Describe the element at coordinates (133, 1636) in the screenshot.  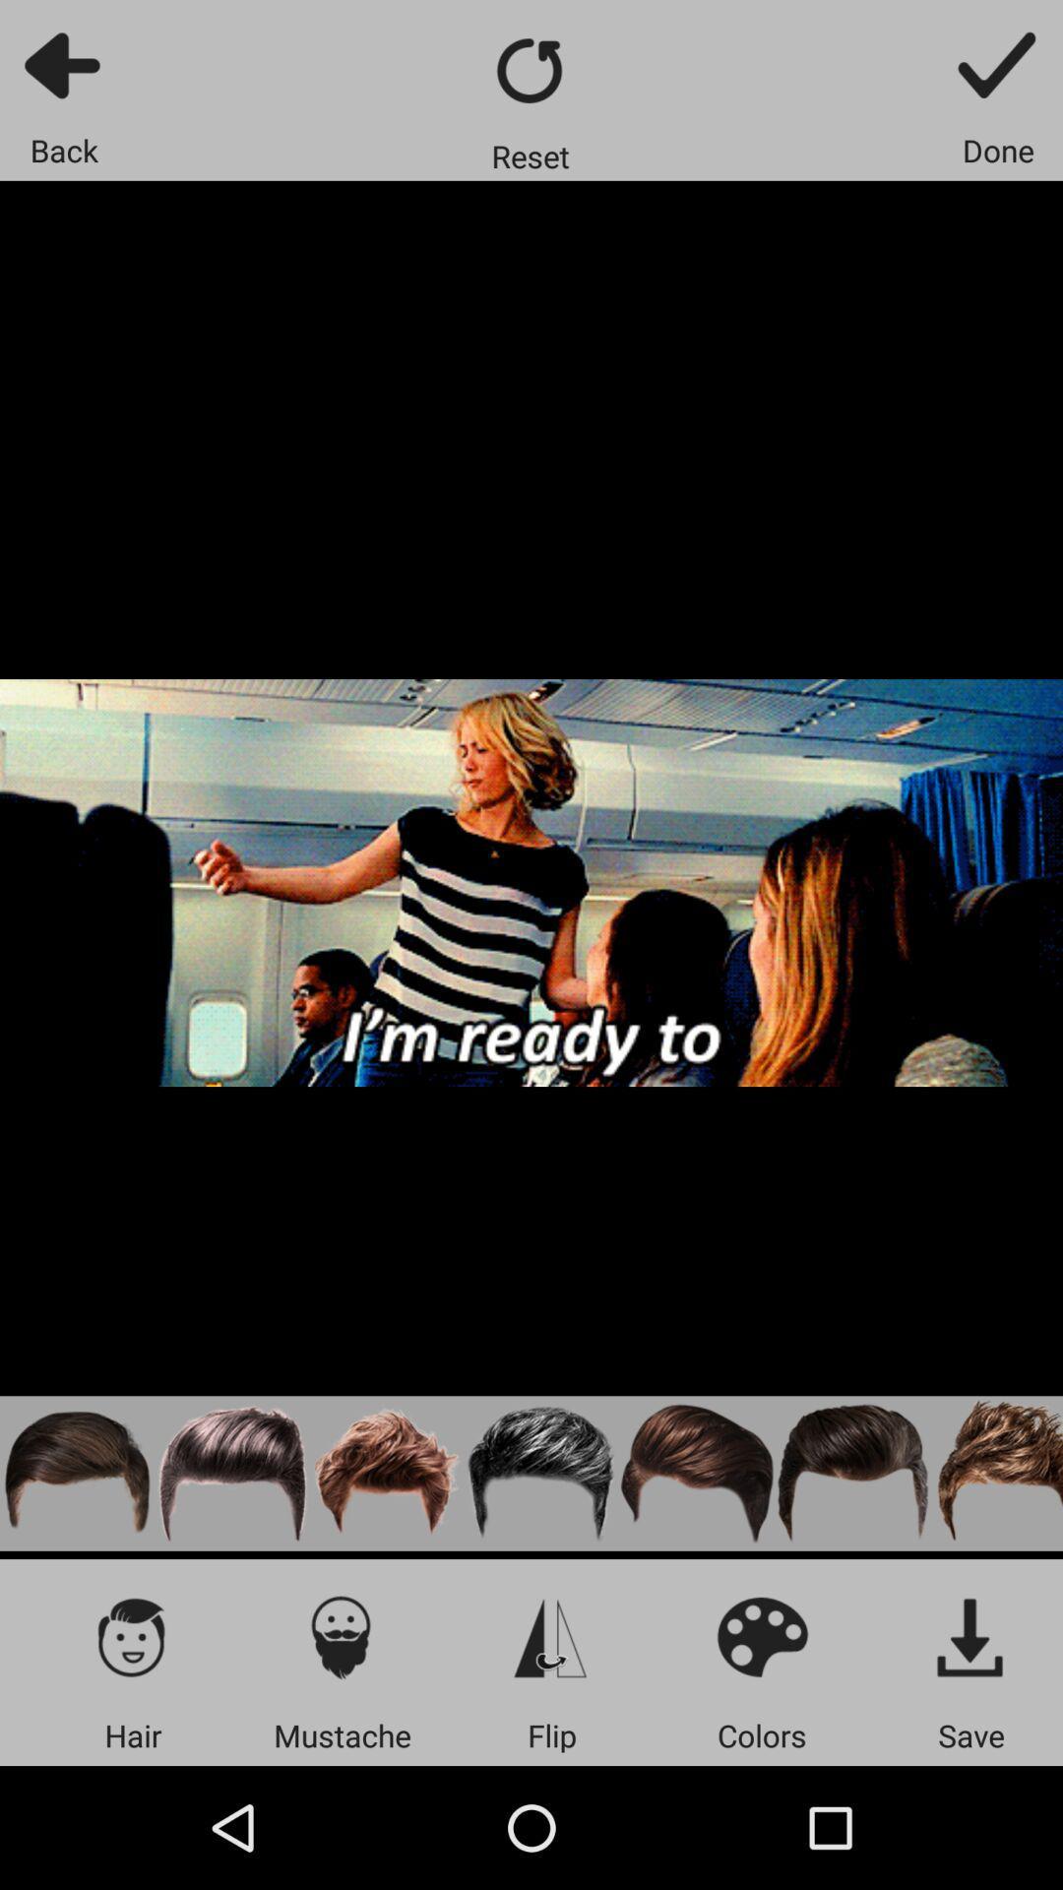
I see `hair icon` at that location.